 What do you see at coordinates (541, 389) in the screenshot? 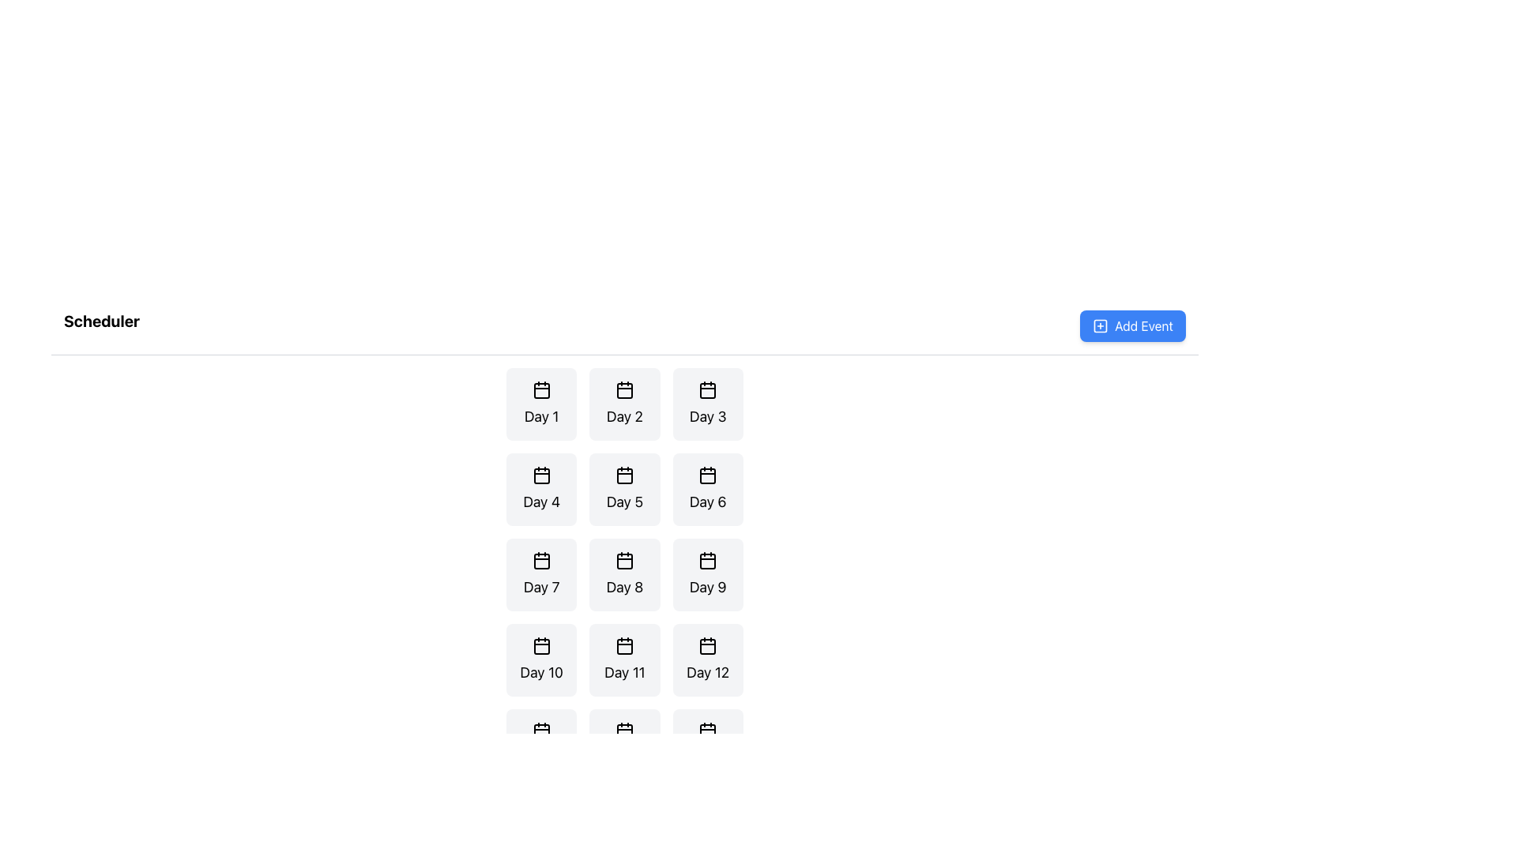
I see `the calendar icon located` at bounding box center [541, 389].